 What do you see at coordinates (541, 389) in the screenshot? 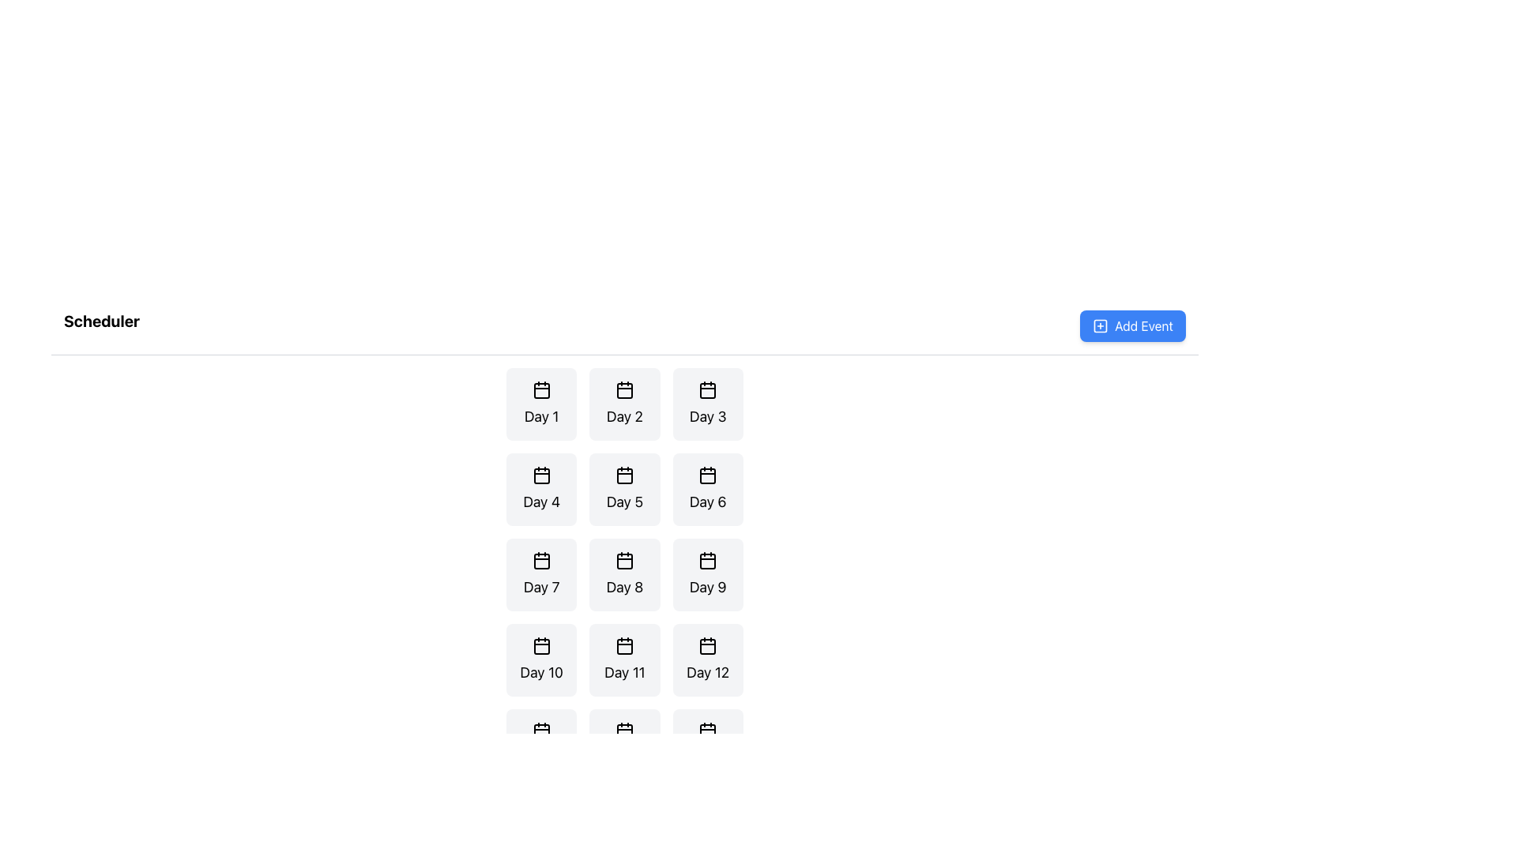
I see `the calendar icon located` at bounding box center [541, 389].